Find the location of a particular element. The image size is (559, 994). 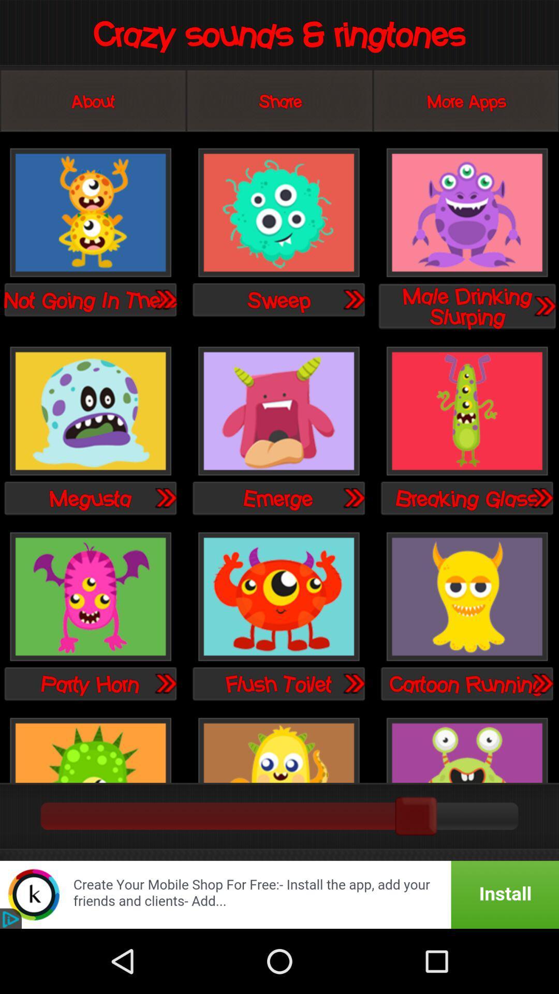

it is a monster pointing down is located at coordinates (90, 597).